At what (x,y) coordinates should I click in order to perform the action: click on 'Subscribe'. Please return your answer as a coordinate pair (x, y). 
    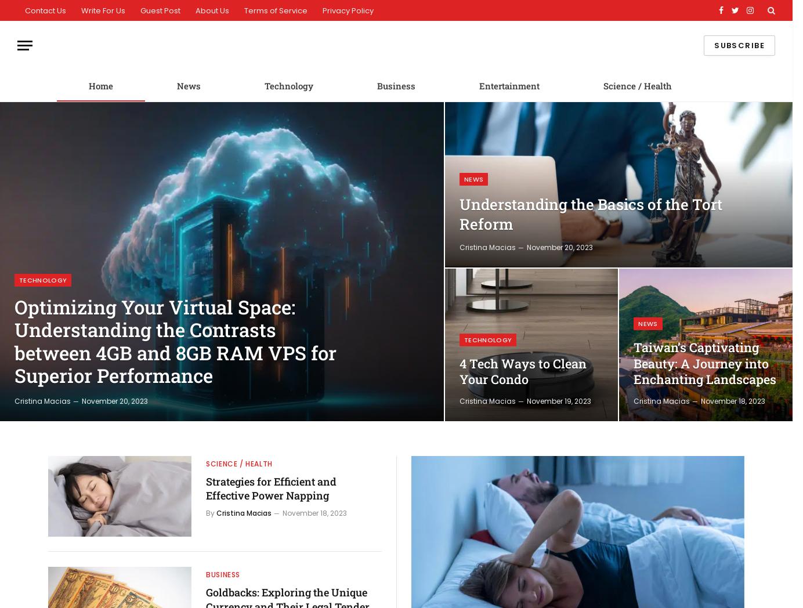
    Looking at the image, I should click on (739, 45).